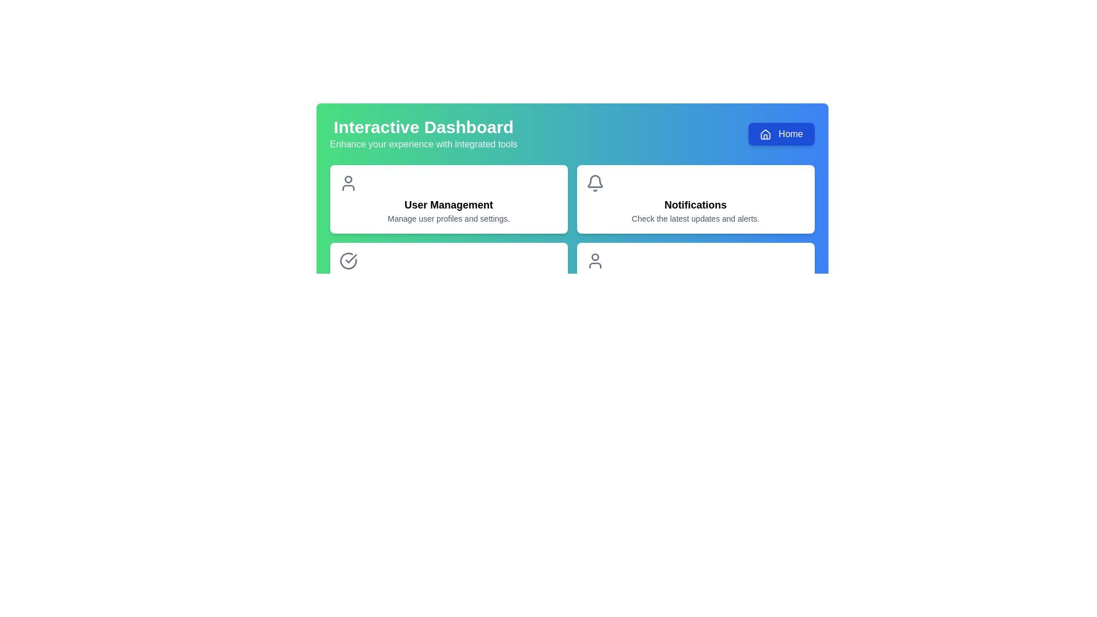 The image size is (1097, 617). I want to click on the decorative component representing the head within the user avatar illustration, which is part of the user icon graphic on the 'User Management' card, so click(347, 179).